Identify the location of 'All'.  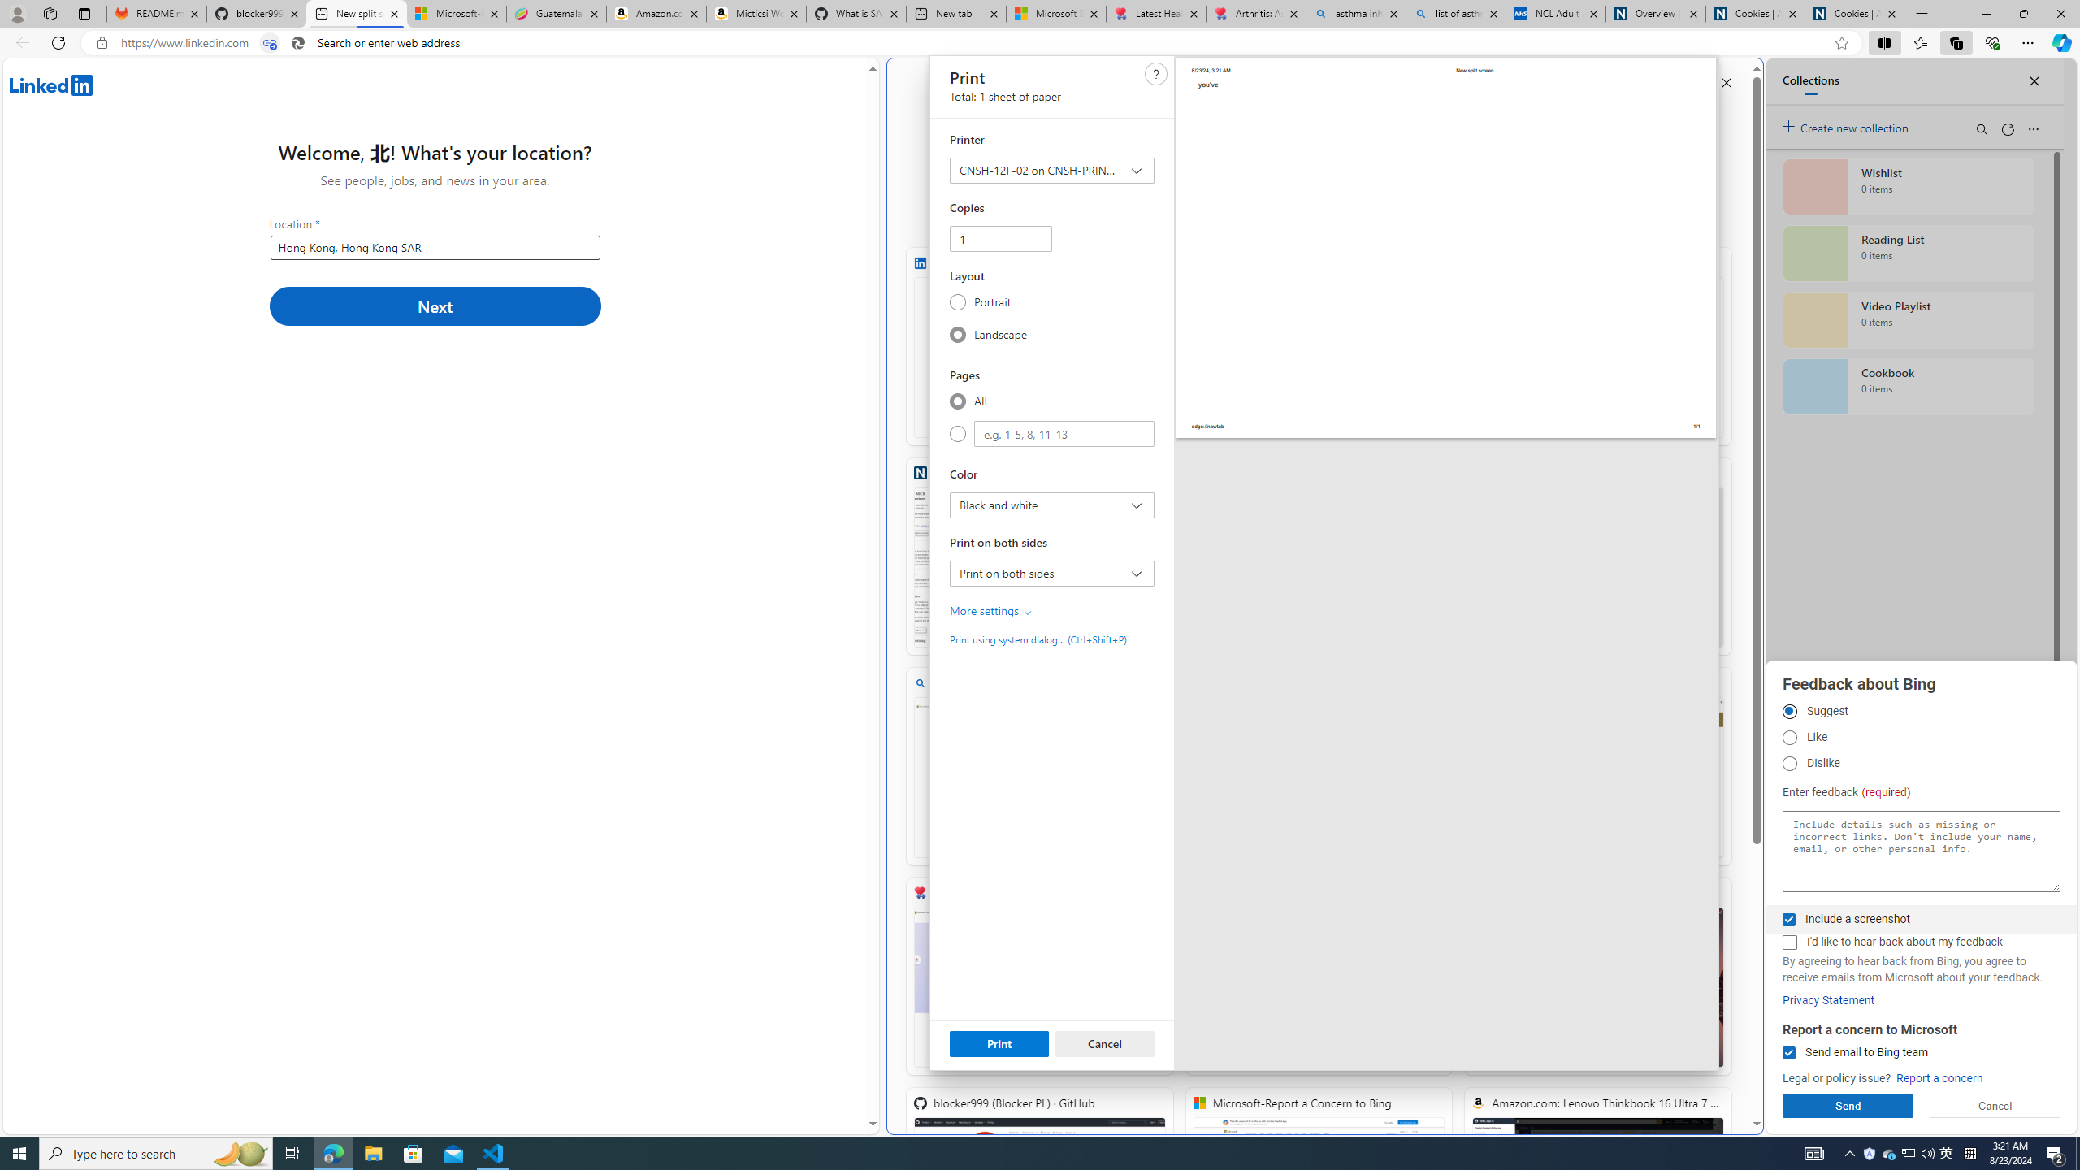
(957, 401).